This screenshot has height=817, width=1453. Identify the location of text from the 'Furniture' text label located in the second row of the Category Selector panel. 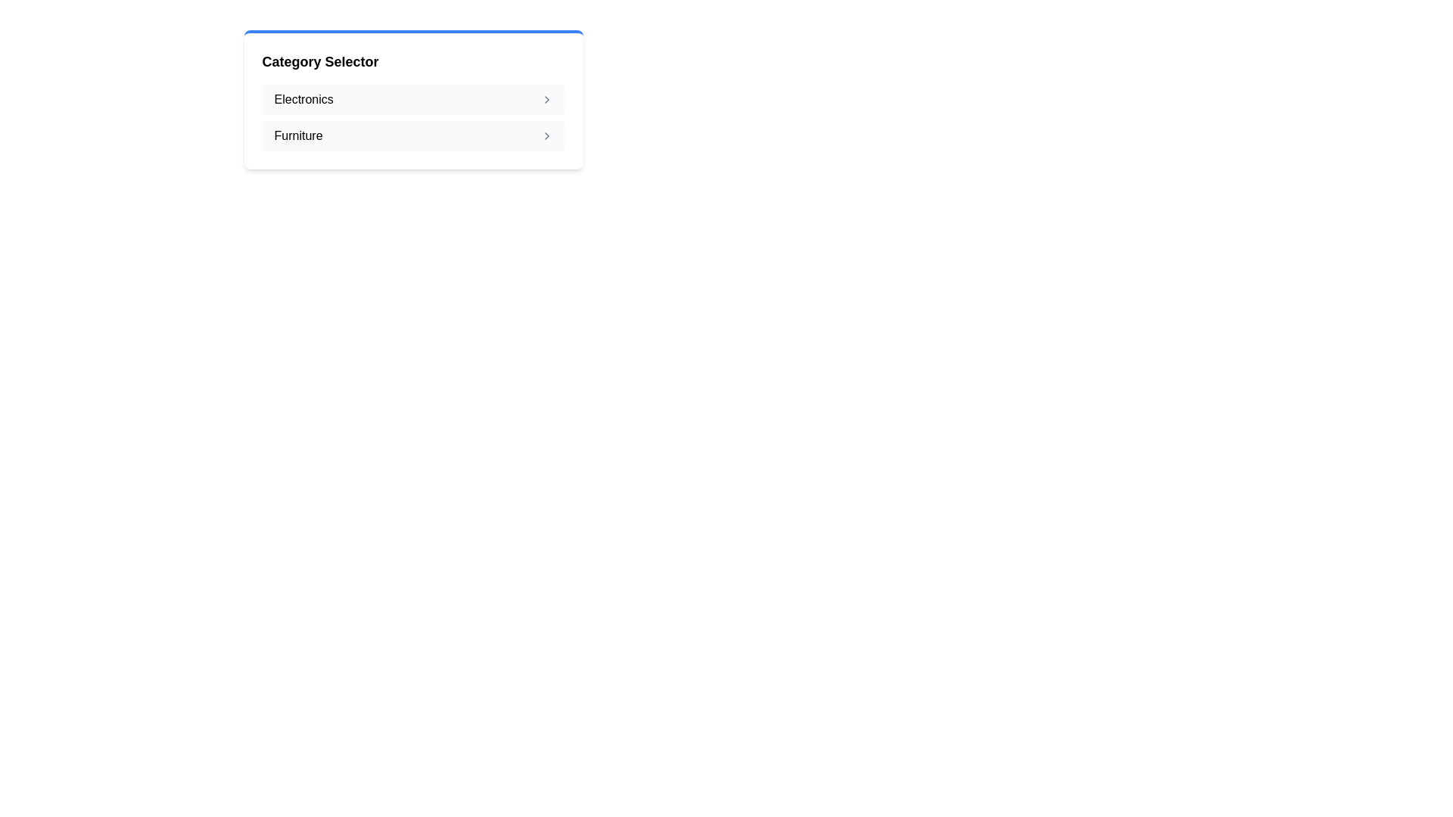
(298, 136).